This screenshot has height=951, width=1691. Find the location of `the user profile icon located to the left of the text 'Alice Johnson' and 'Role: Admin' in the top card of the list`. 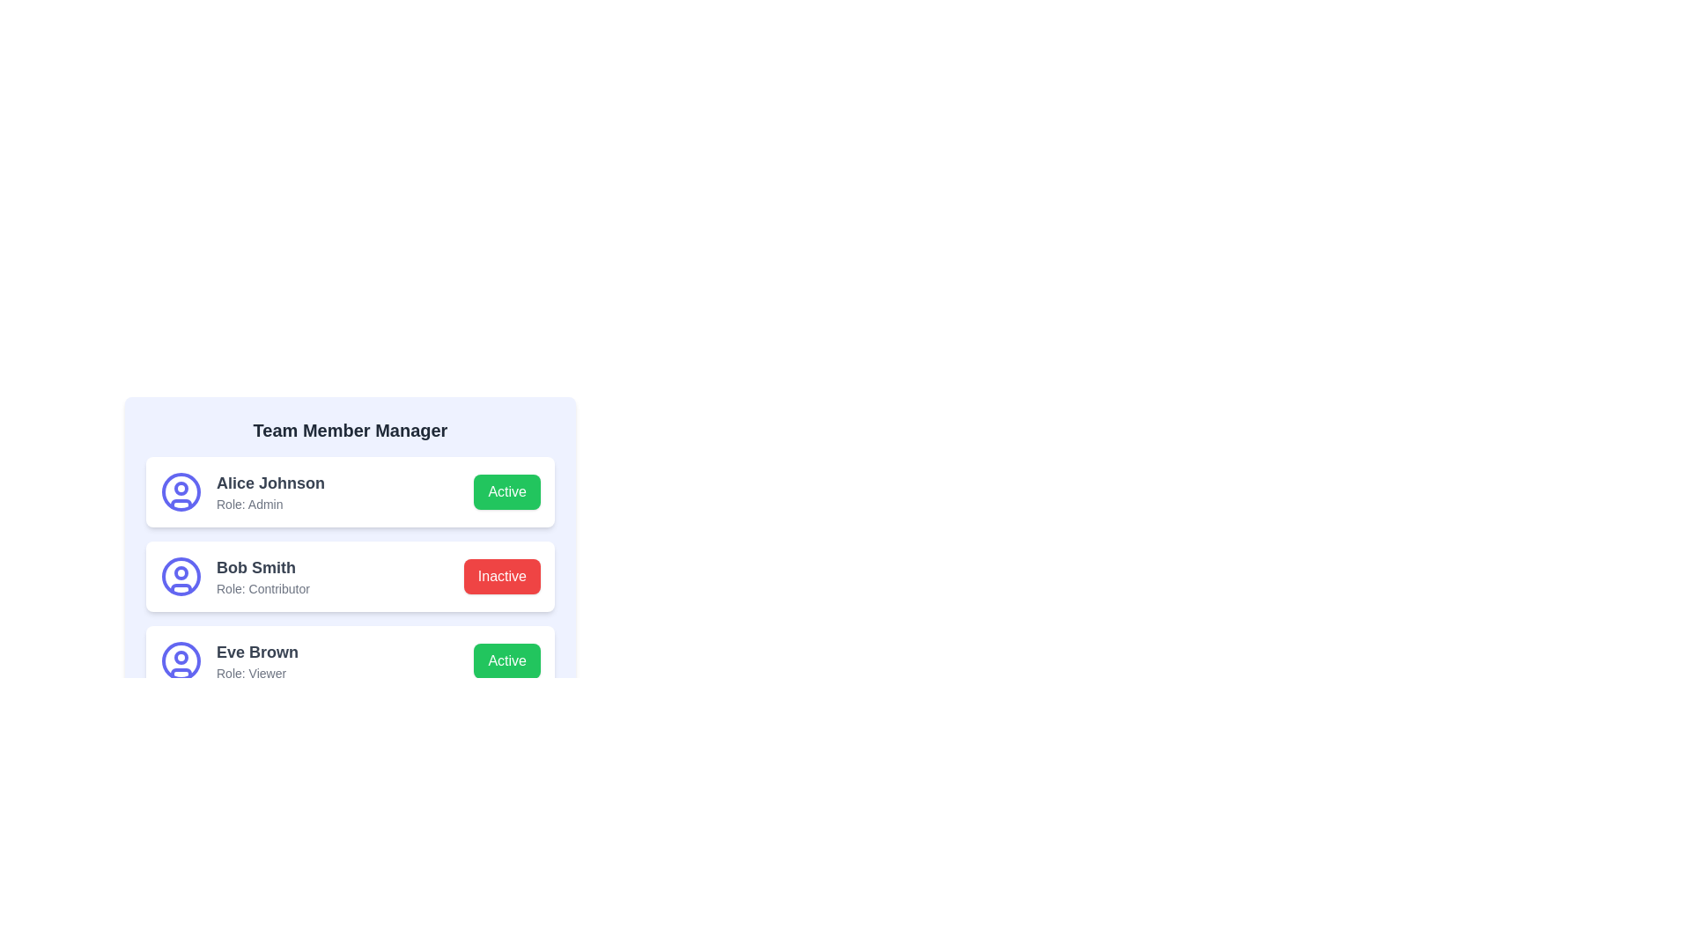

the user profile icon located to the left of the text 'Alice Johnson' and 'Role: Admin' in the top card of the list is located at coordinates (181, 492).